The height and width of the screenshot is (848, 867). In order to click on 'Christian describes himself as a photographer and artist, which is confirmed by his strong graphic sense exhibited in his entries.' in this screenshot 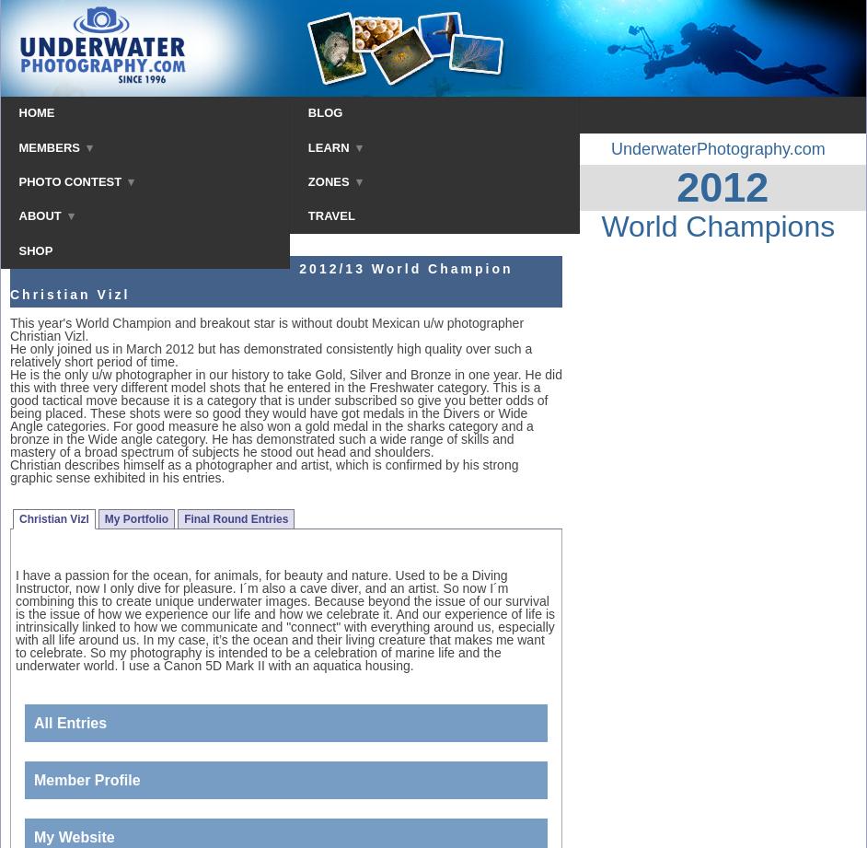, I will do `click(264, 470)`.